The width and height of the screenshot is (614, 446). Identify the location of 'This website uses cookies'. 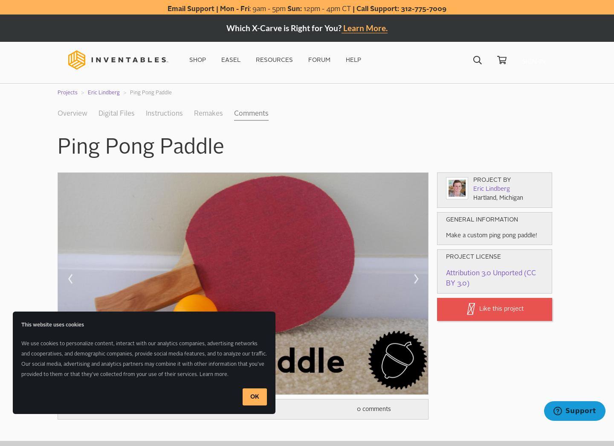
(20, 325).